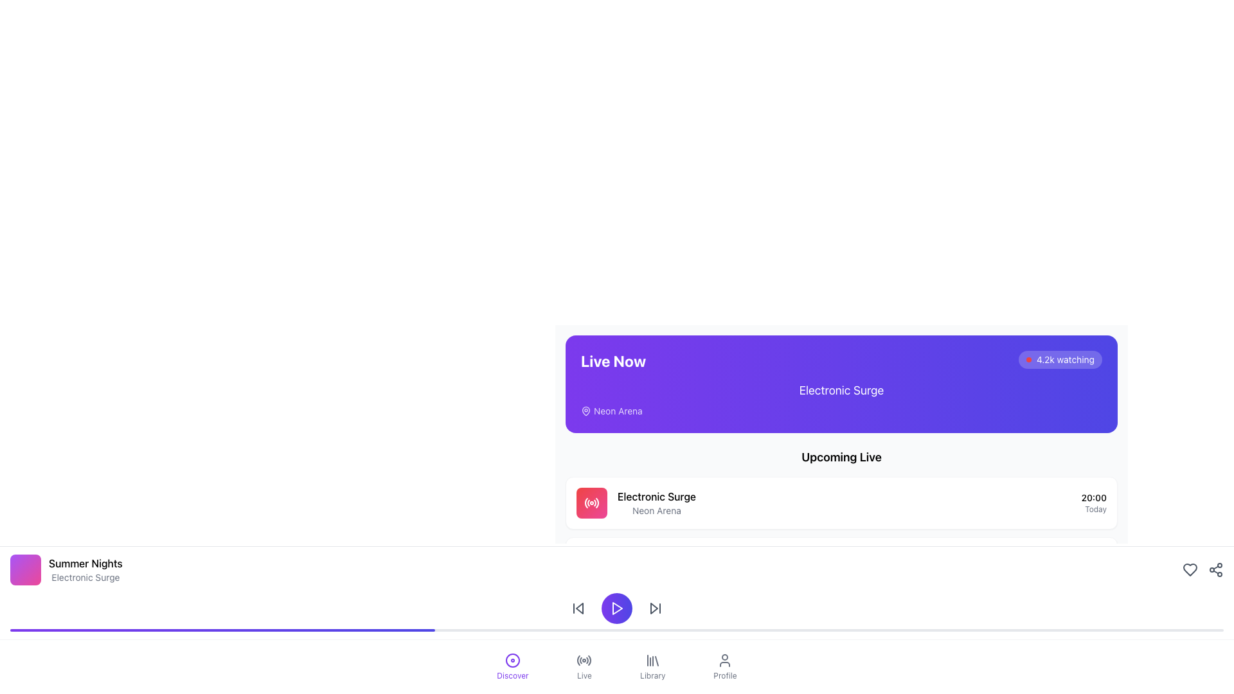 The image size is (1234, 694). What do you see at coordinates (586, 411) in the screenshot?
I see `the map pin element, which has a pointed bottom and a circular top, located on the left side of the 'Live Now' section near 'Neon Arena'` at bounding box center [586, 411].